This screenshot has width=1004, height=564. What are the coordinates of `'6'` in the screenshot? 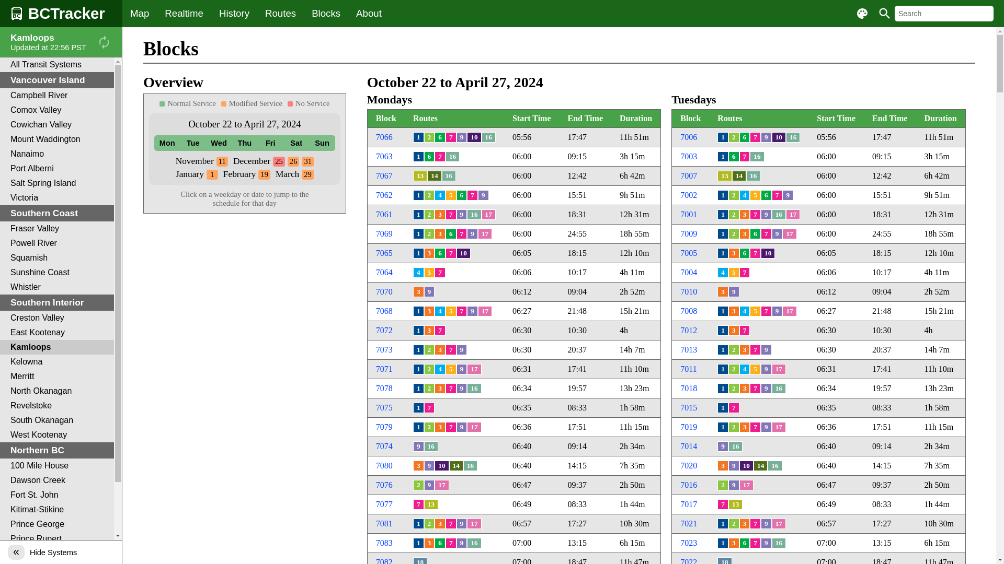 It's located at (440, 253).